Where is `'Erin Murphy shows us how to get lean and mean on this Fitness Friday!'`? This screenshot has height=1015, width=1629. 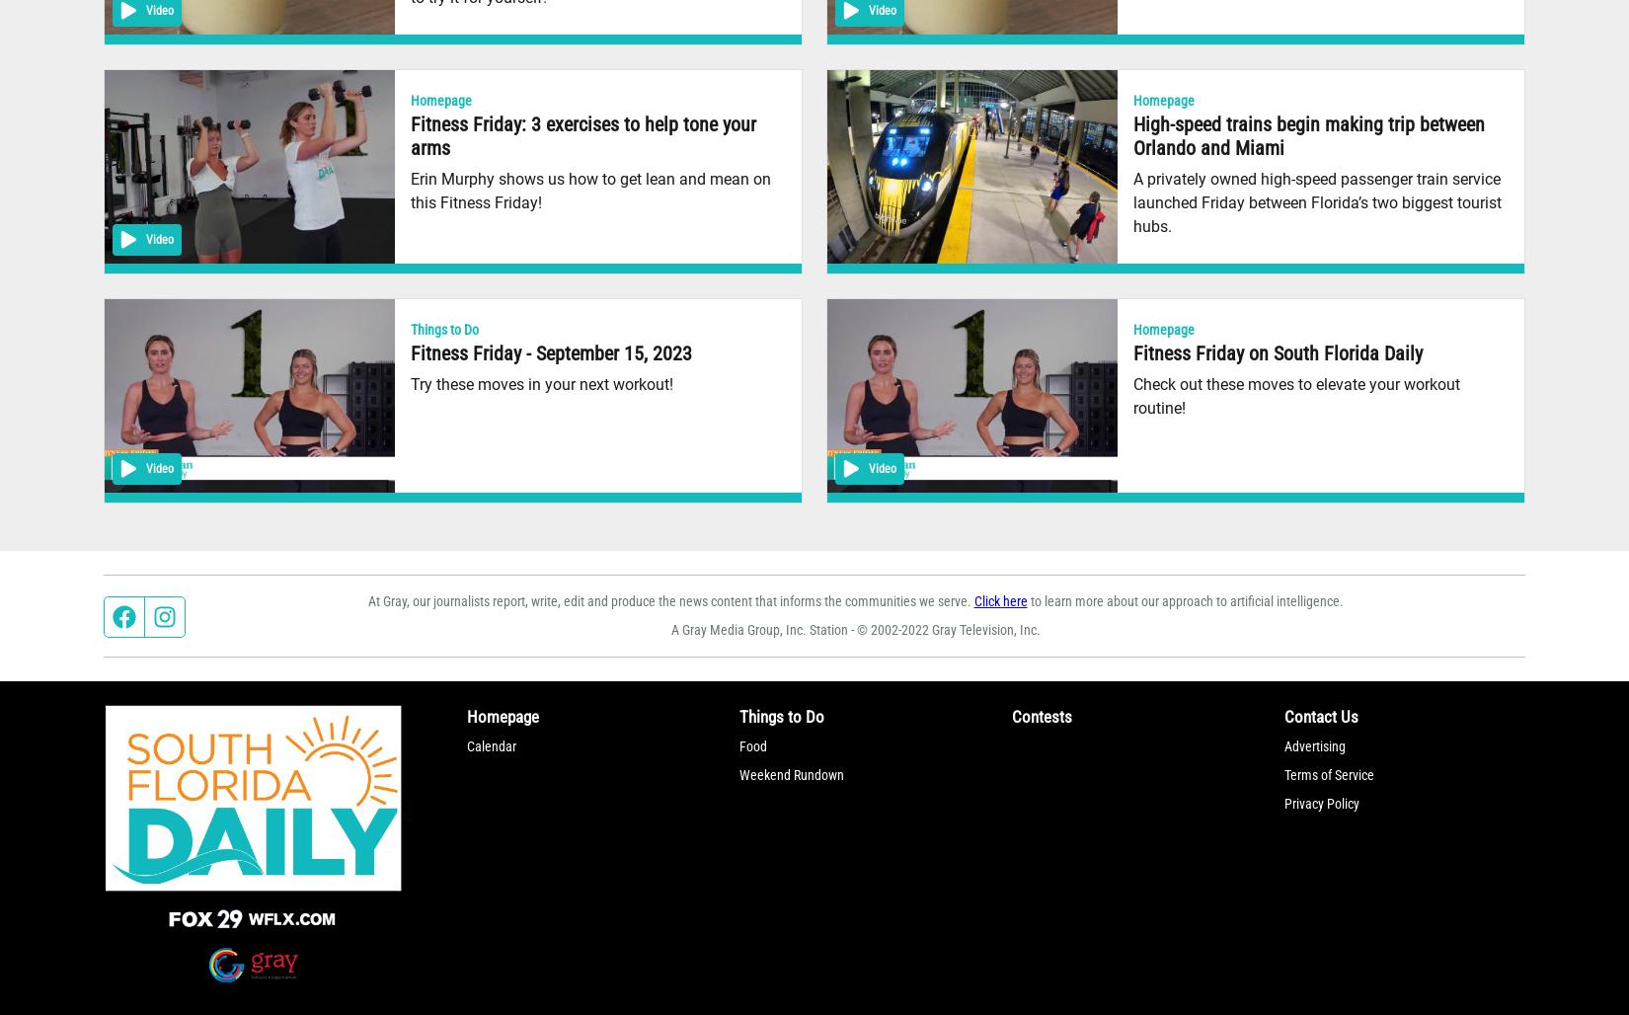
'Erin Murphy shows us how to get lean and mean on this Fitness Friday!' is located at coordinates (589, 190).